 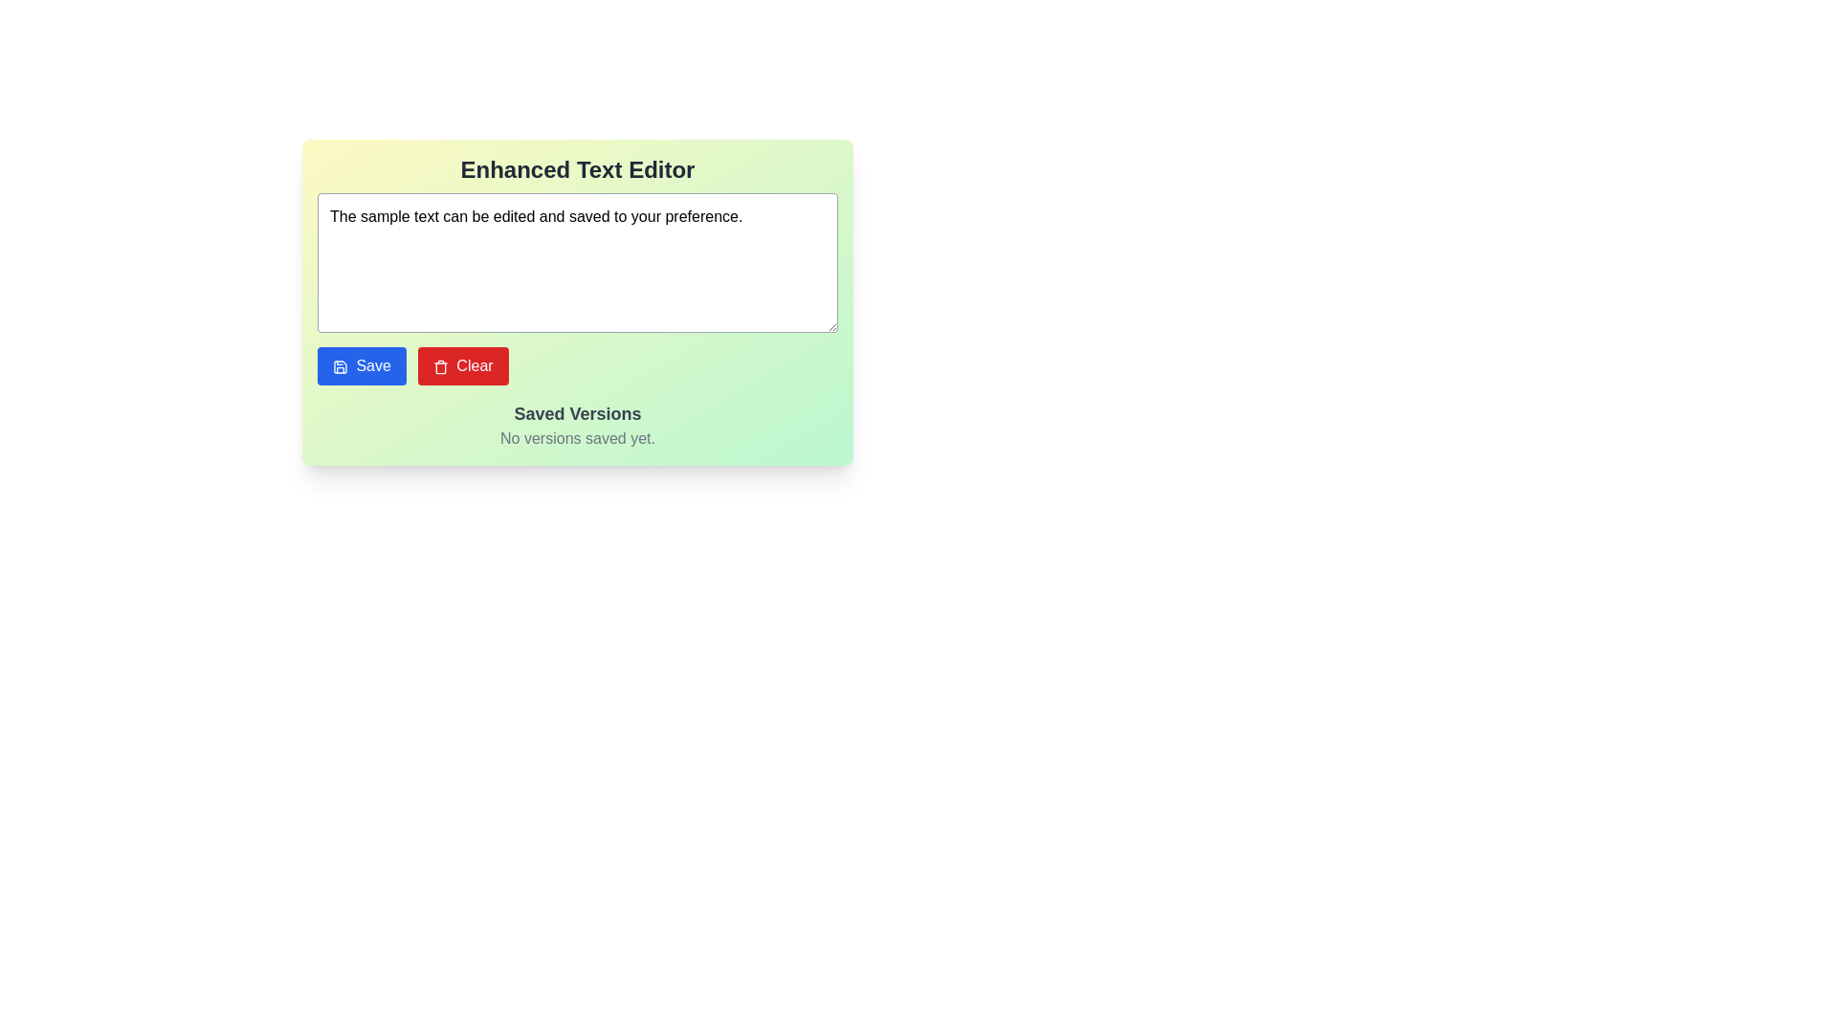 I want to click on the decorative icon located in the upper-left corner of the 'Save' button, adjacent to the text label 'Save', so click(x=340, y=365).